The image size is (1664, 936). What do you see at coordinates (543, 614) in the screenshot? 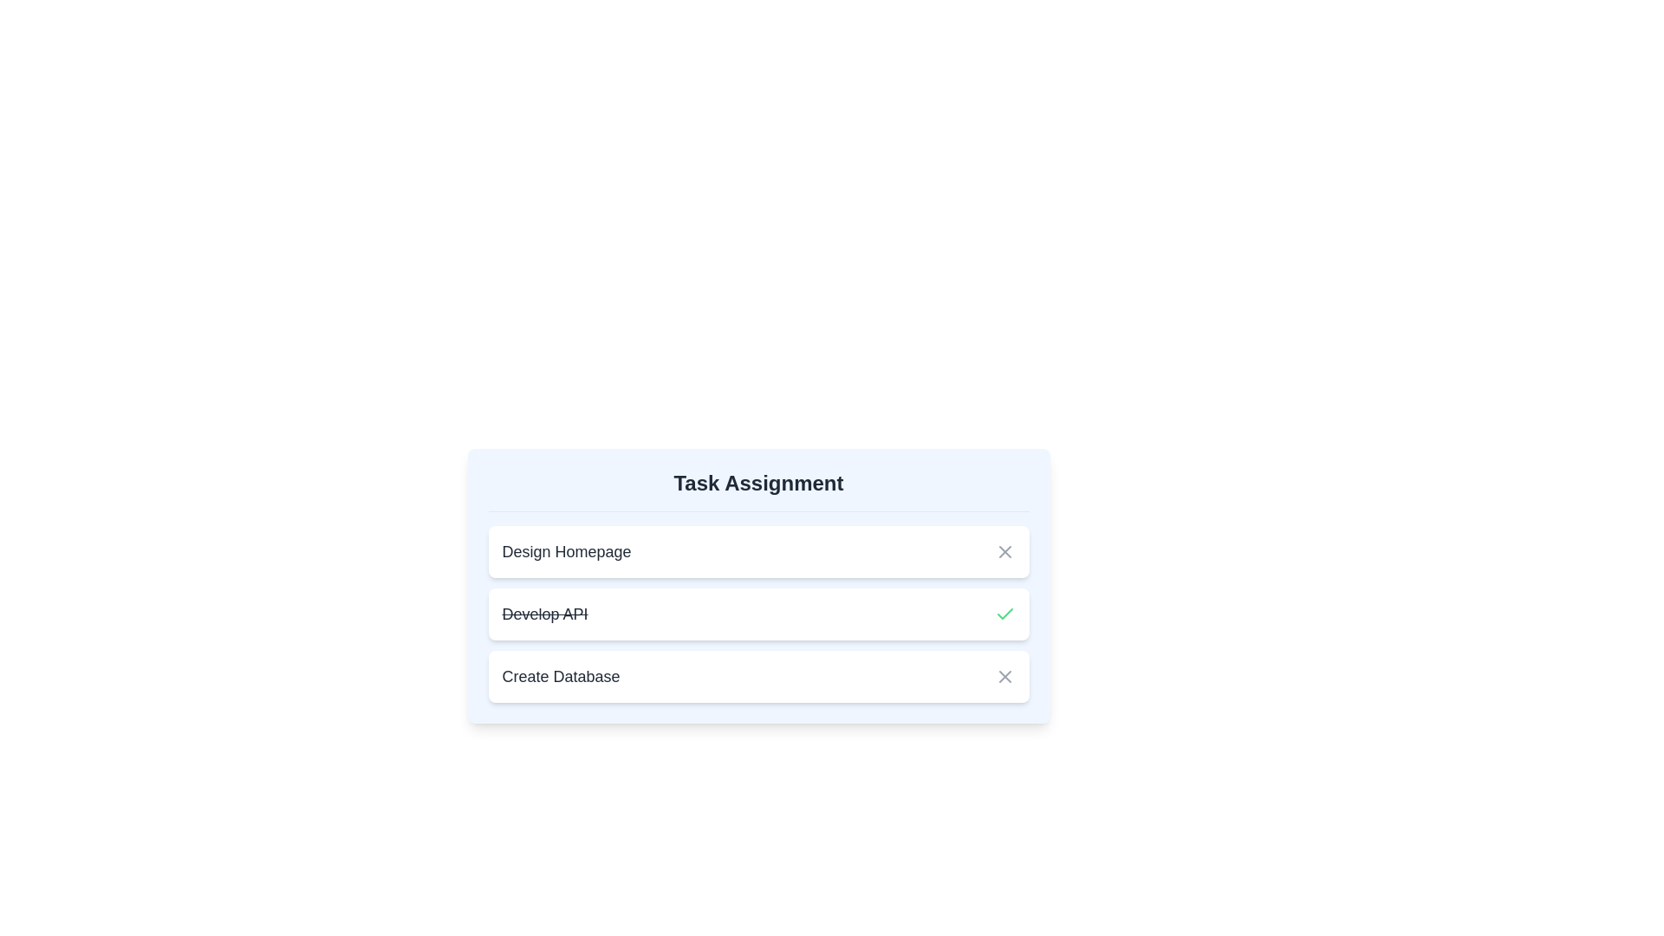
I see `the 'Develop API' text label, which is styled with a strikethrough to indicate it is marked as completed or inactive` at bounding box center [543, 614].